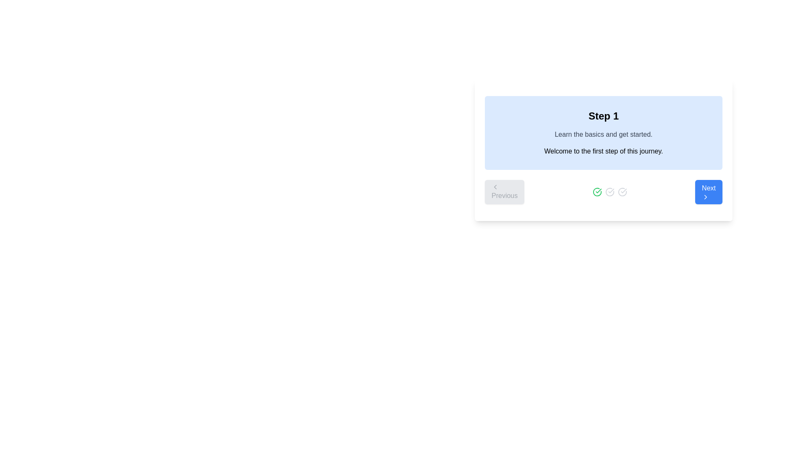 The image size is (806, 453). What do you see at coordinates (708, 192) in the screenshot?
I see `the blue rectangular button labeled 'Next' with a right-pointing arrow icon` at bounding box center [708, 192].